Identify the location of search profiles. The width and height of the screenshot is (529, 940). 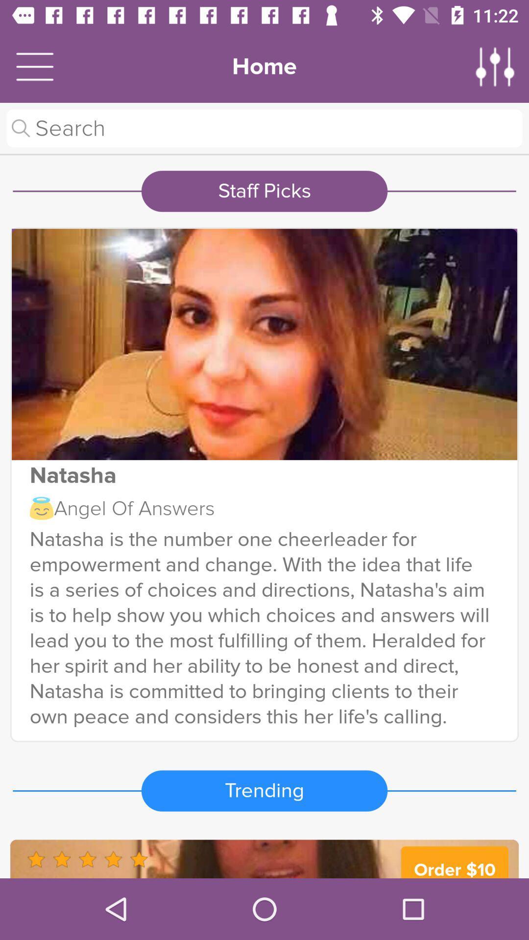
(264, 128).